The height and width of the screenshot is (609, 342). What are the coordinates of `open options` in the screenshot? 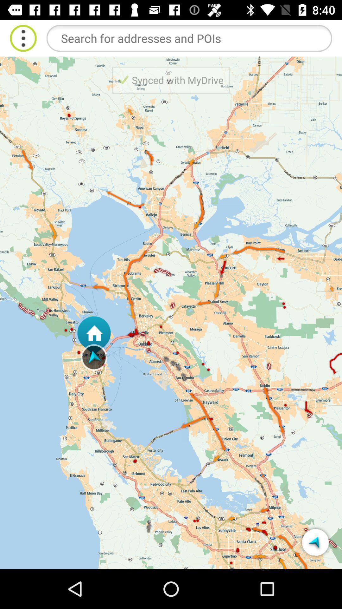 It's located at (23, 38).